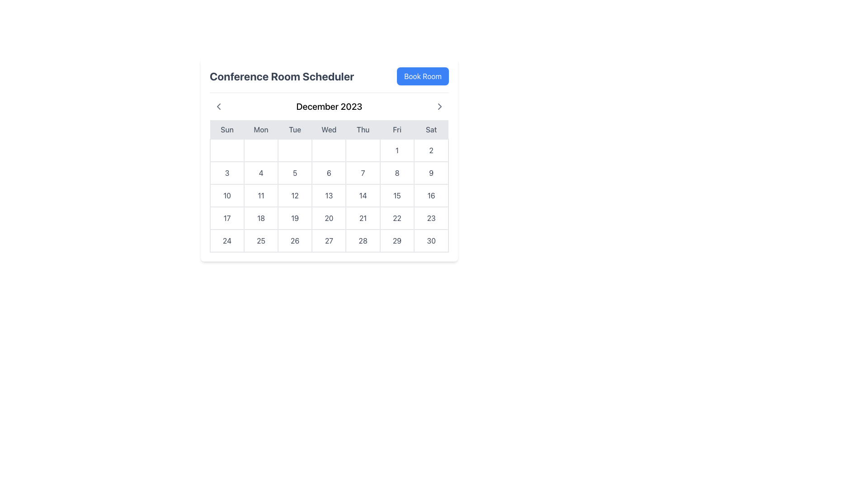 The width and height of the screenshot is (868, 488). What do you see at coordinates (431, 173) in the screenshot?
I see `the button representing the 9th date on the calendar interface` at bounding box center [431, 173].